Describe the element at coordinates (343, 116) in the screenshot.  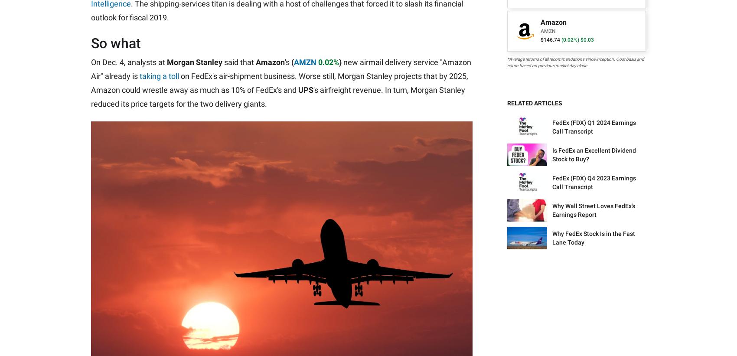
I see `'Stock Advisor'` at that location.